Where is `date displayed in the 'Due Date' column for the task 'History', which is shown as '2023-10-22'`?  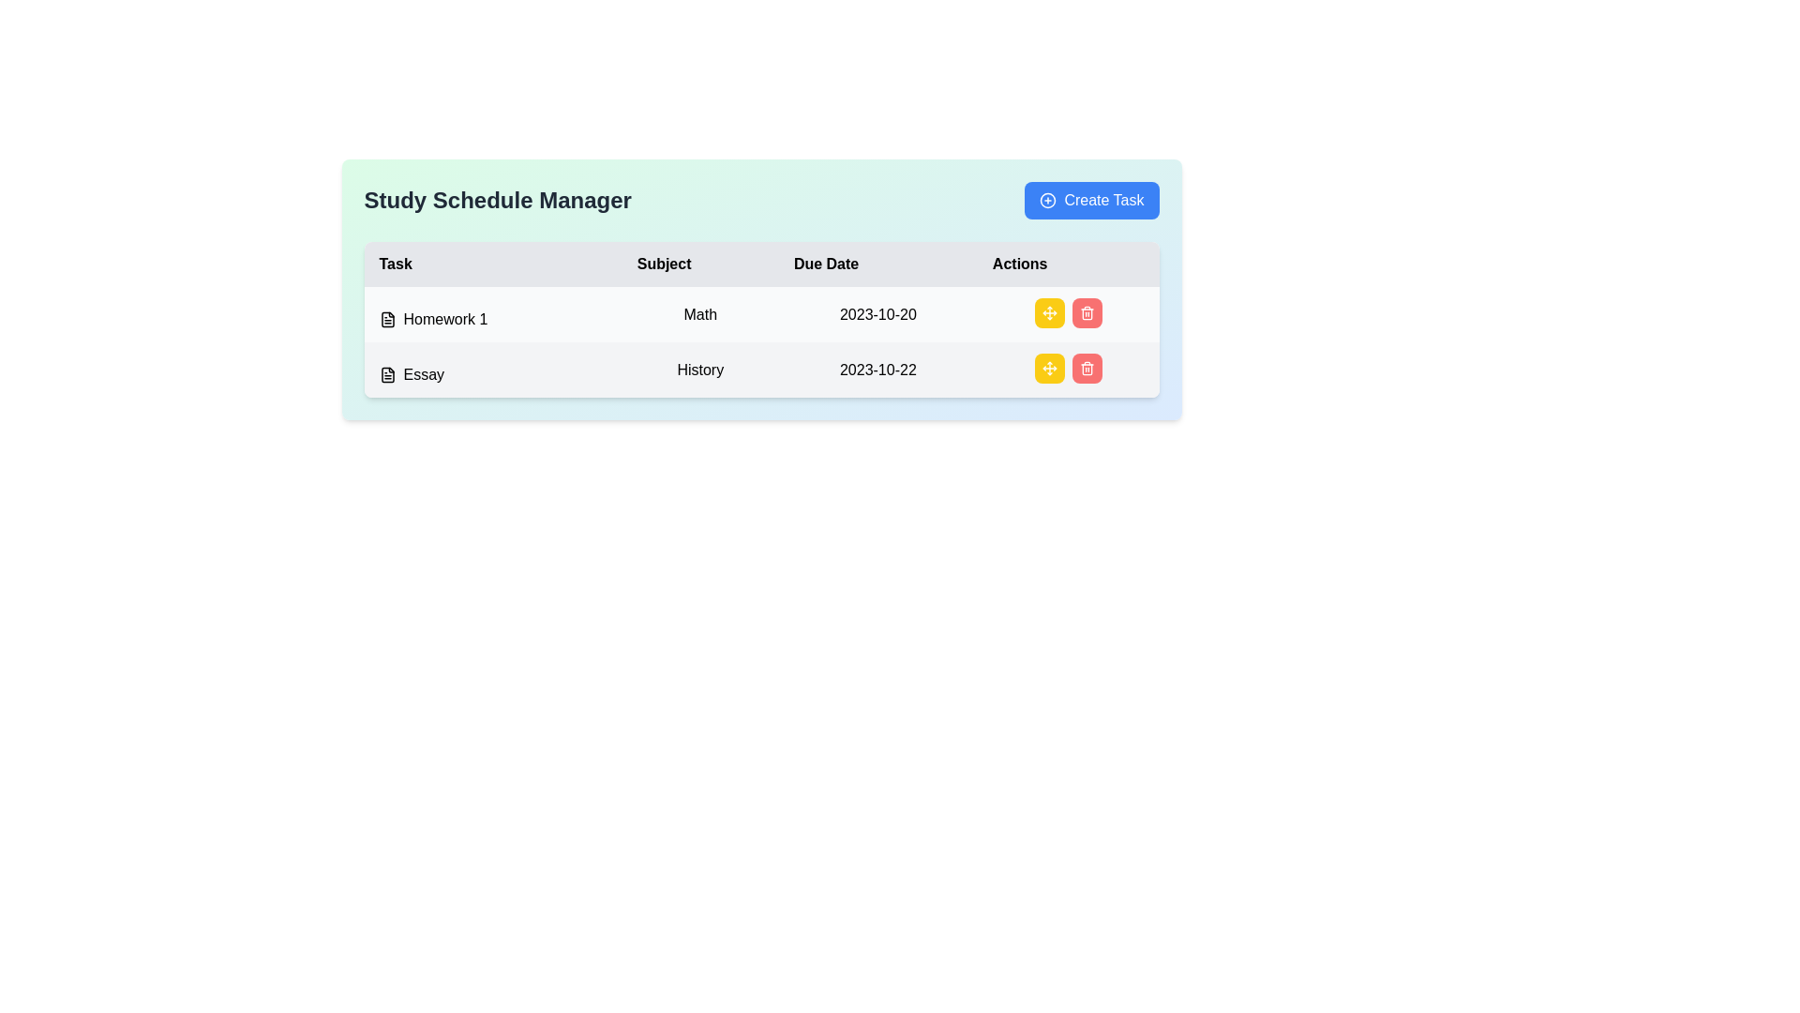
date displayed in the 'Due Date' column for the task 'History', which is shown as '2023-10-22' is located at coordinates (877, 370).